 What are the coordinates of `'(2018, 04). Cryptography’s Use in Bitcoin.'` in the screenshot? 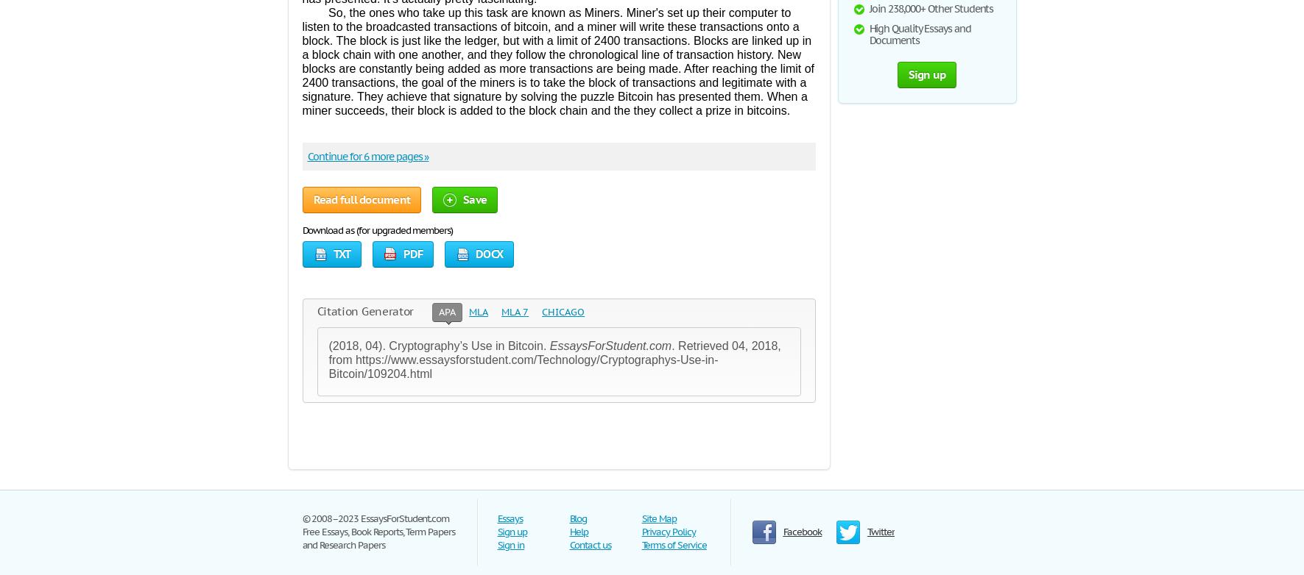 It's located at (437, 346).